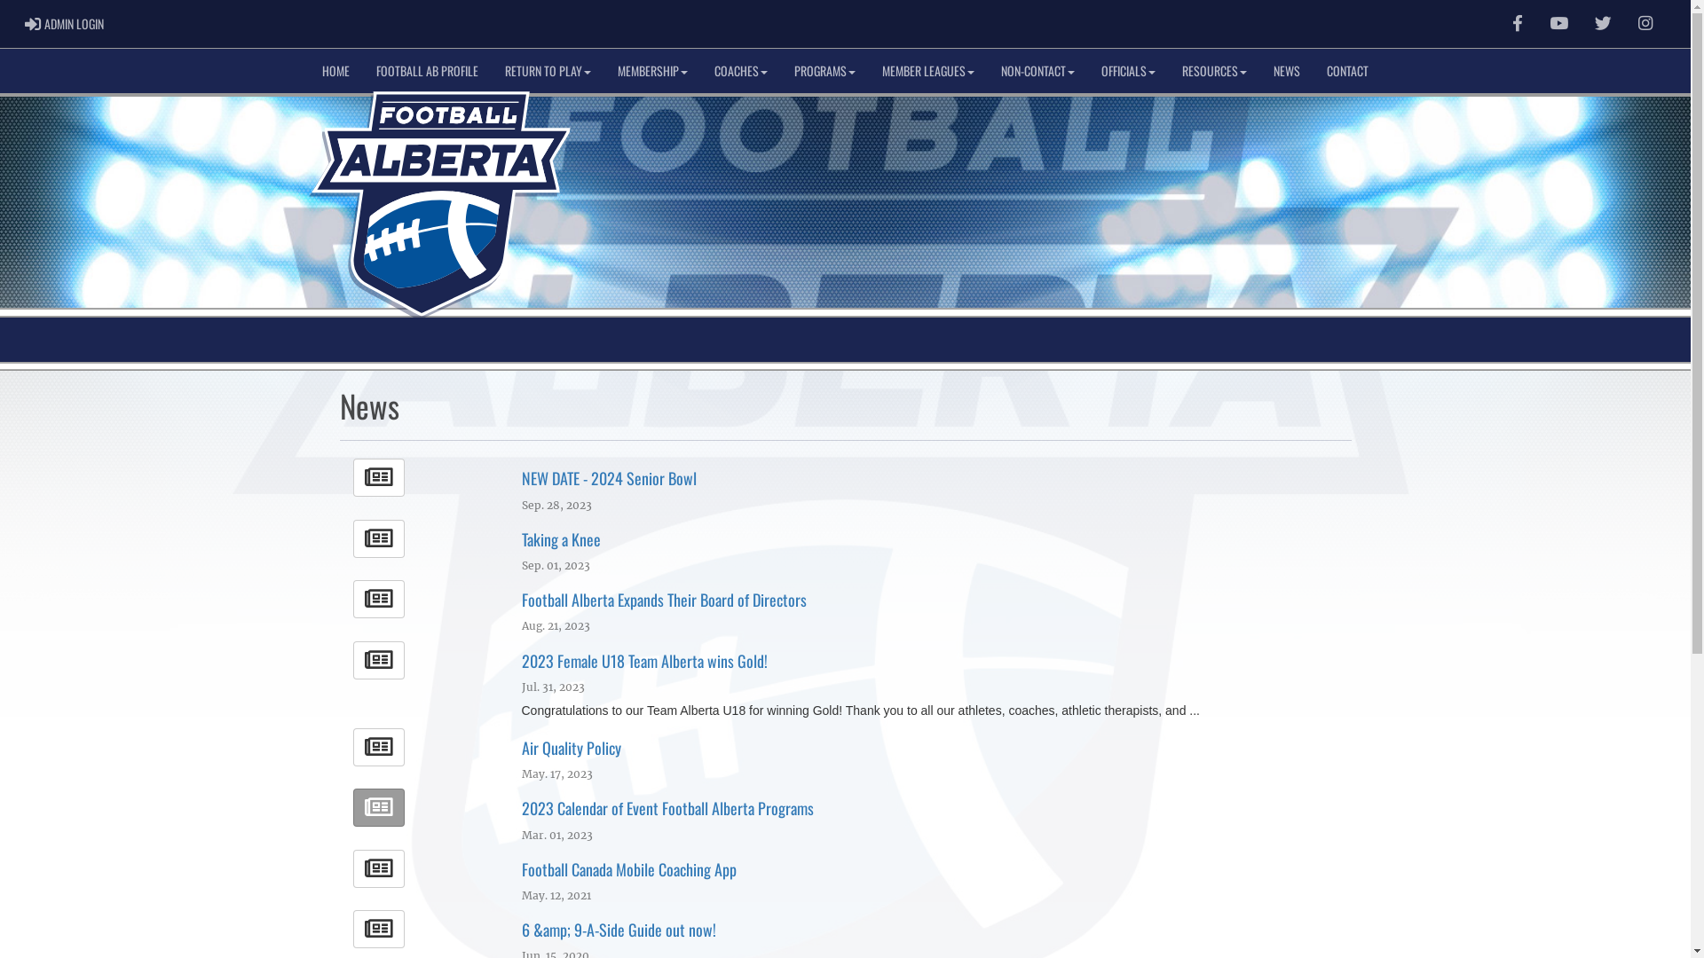 This screenshot has height=958, width=1704. I want to click on 'CONTACT', so click(1347, 70).